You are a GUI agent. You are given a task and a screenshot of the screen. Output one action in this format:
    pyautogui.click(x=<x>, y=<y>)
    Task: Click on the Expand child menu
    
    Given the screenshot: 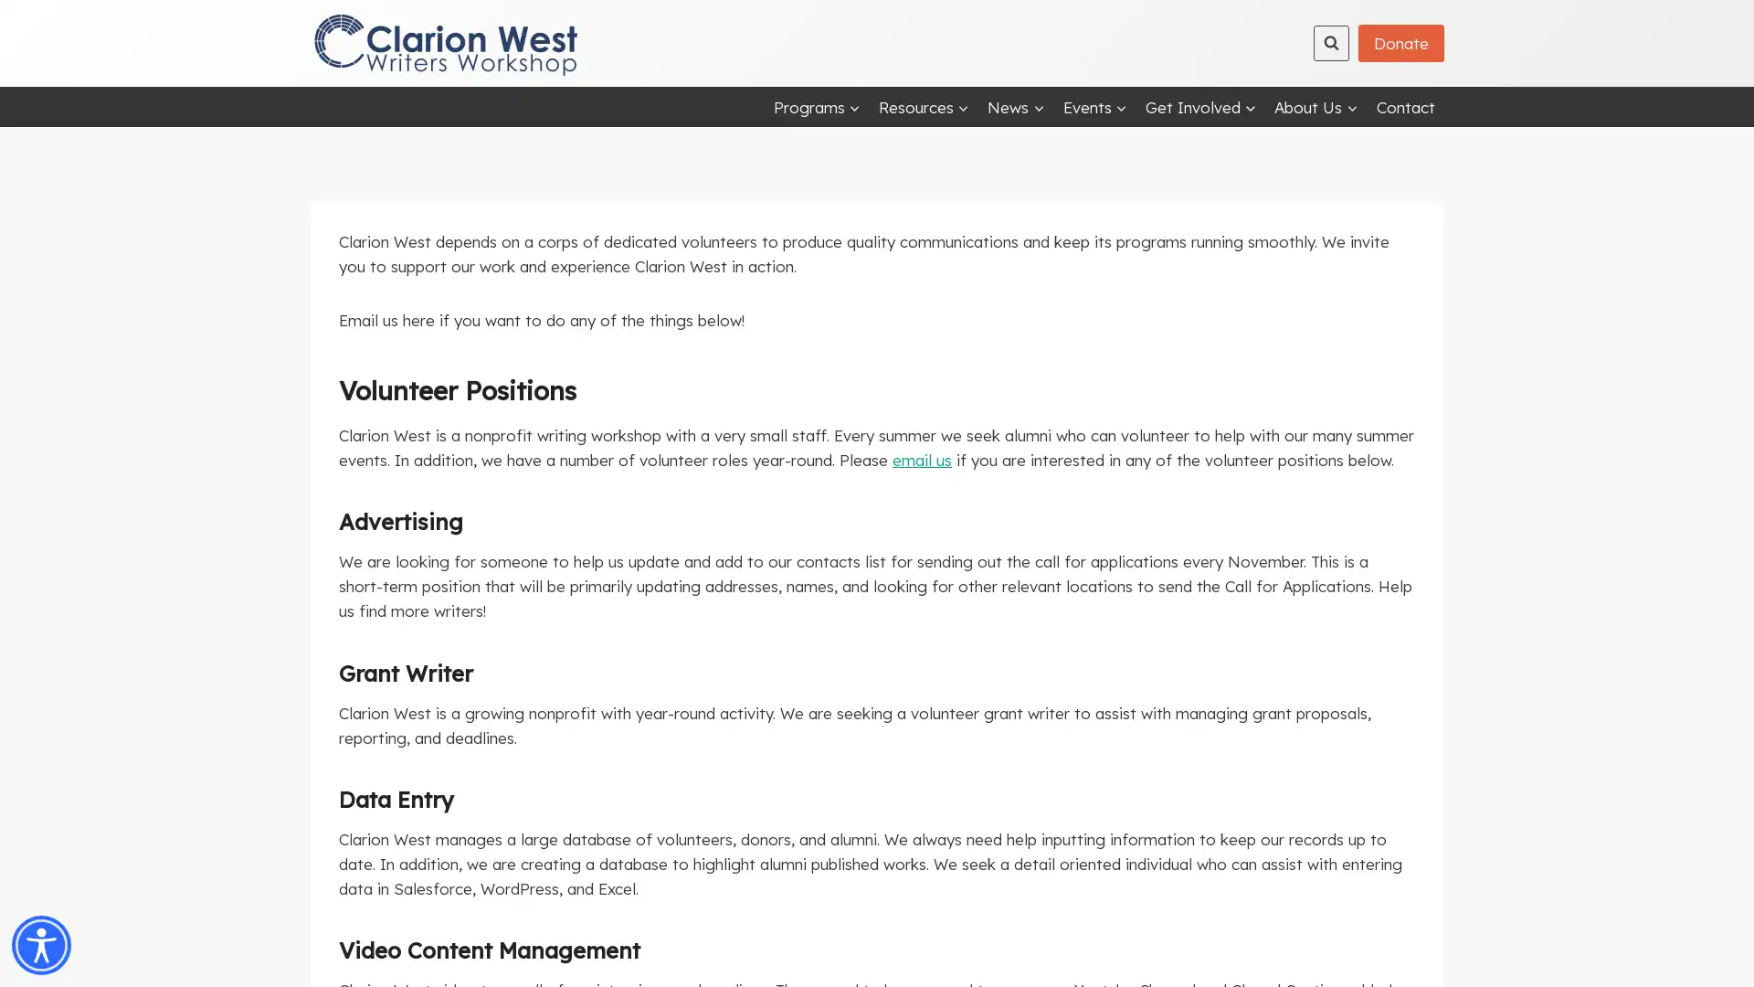 What is the action you would take?
    pyautogui.click(x=924, y=106)
    